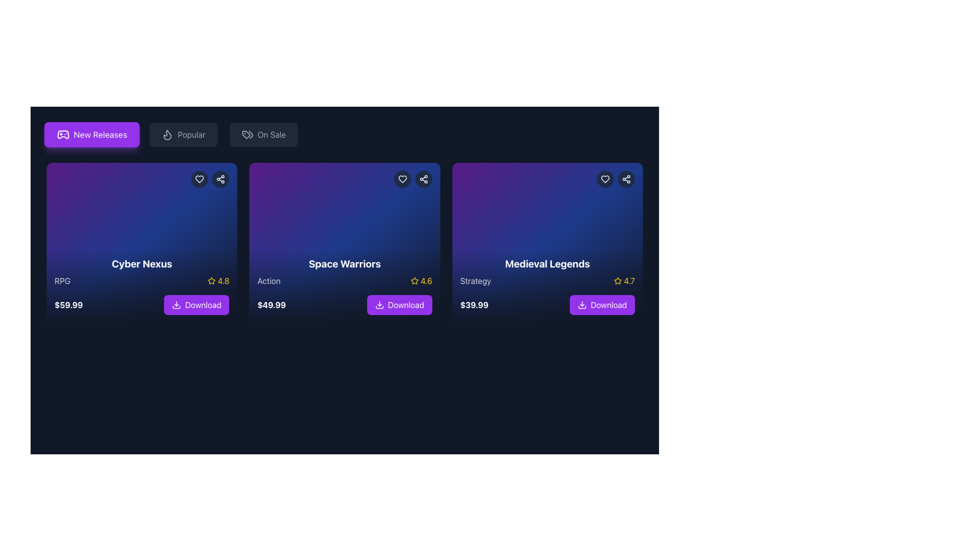 The height and width of the screenshot is (541, 963). I want to click on the 'Download' button for 'Medieval Legends' to observe the hover feedback, so click(602, 305).